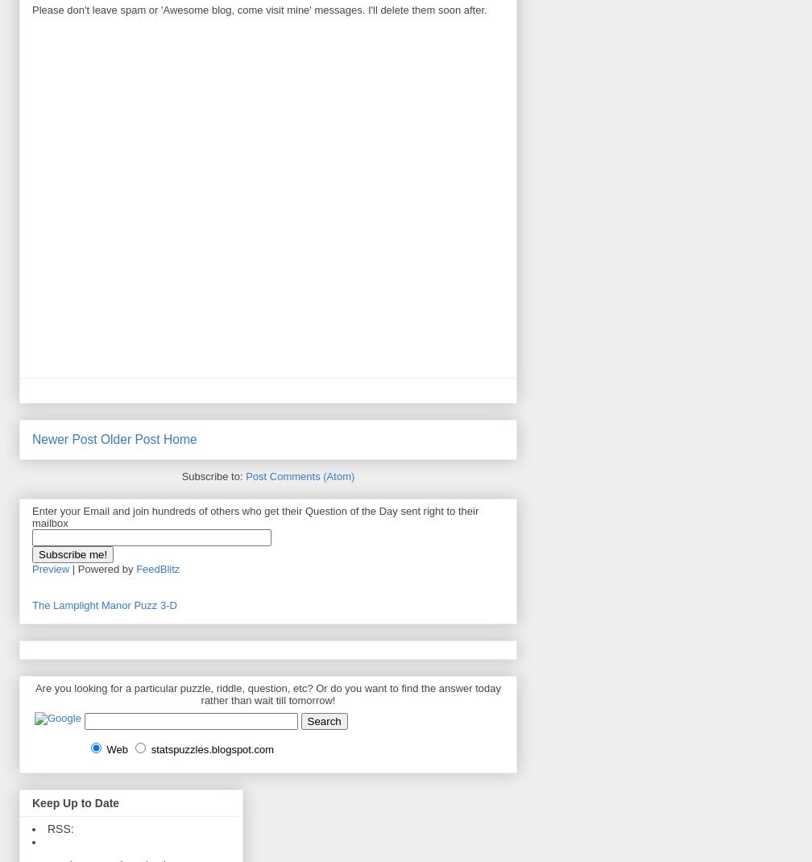 The height and width of the screenshot is (862, 812). I want to click on 'Are you looking for a particular puzzle, riddle, question, etc? Or do you want to find the answer today rather than wait till tomorrow!', so click(267, 694).